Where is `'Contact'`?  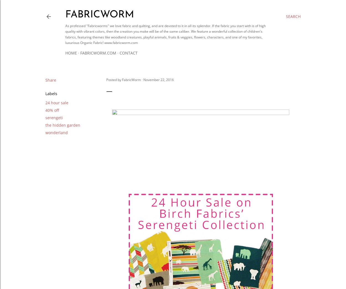
'Contact' is located at coordinates (128, 53).